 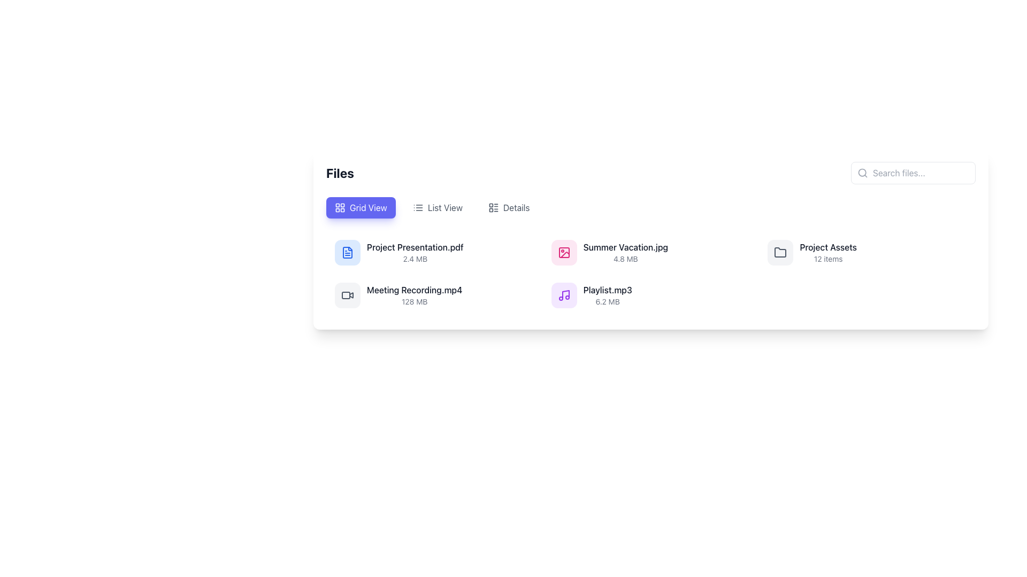 I want to click on the file linked to the text label displaying 'Playlist.mp3', which appears in the lower-right section of the file information group, so click(x=608, y=290).